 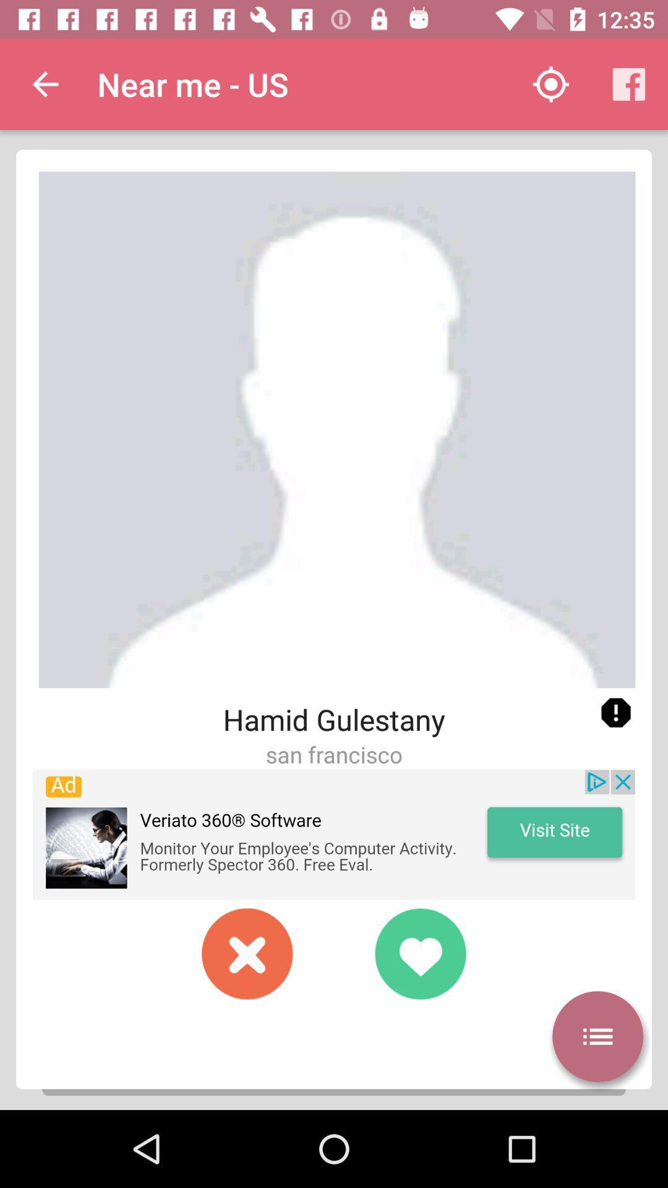 I want to click on report the user, so click(x=615, y=713).